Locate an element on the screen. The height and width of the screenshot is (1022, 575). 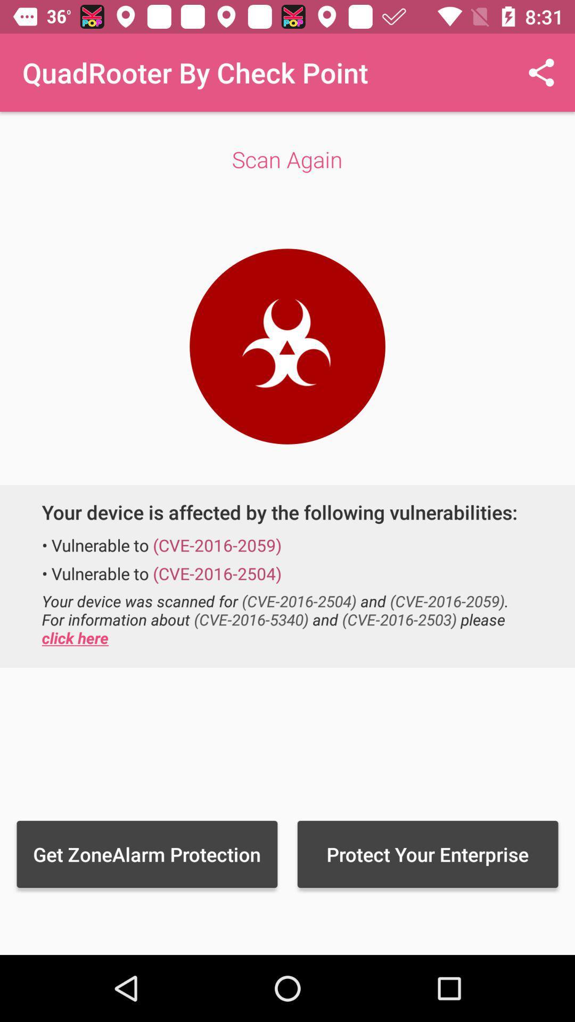
item to the left of protect your enterprise item is located at coordinates (147, 854).